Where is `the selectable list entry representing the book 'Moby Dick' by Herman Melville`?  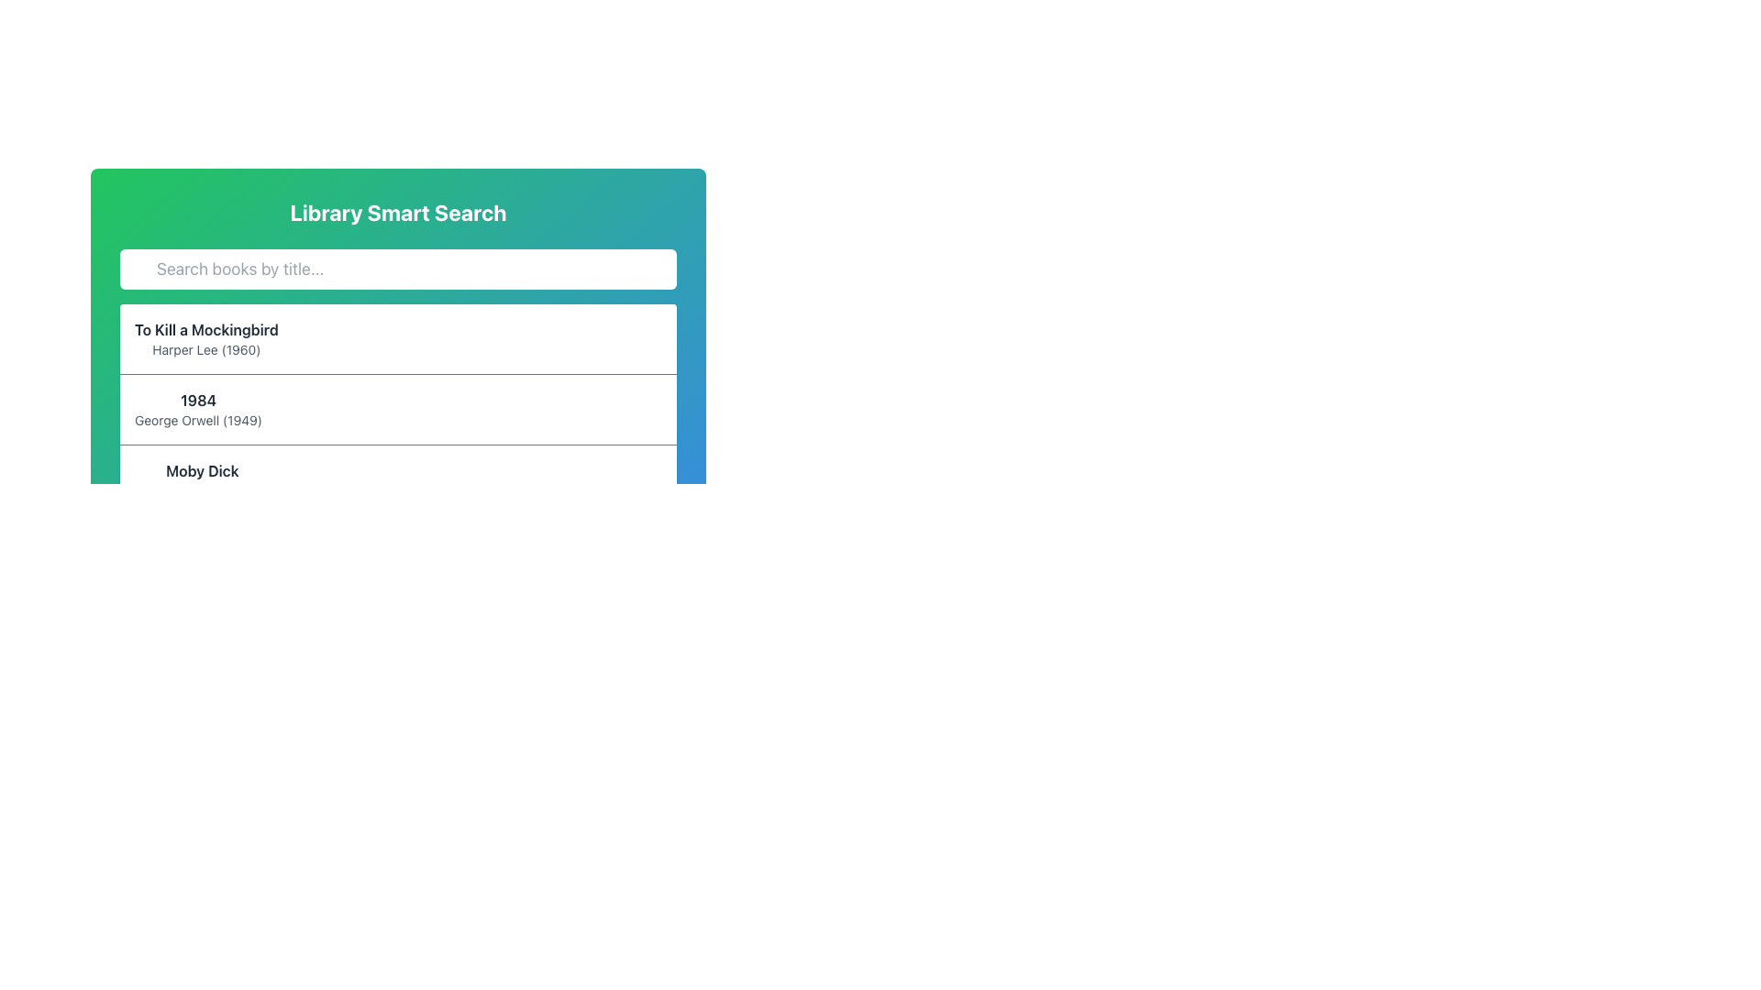 the selectable list entry representing the book 'Moby Dick' by Herman Melville is located at coordinates (397, 478).